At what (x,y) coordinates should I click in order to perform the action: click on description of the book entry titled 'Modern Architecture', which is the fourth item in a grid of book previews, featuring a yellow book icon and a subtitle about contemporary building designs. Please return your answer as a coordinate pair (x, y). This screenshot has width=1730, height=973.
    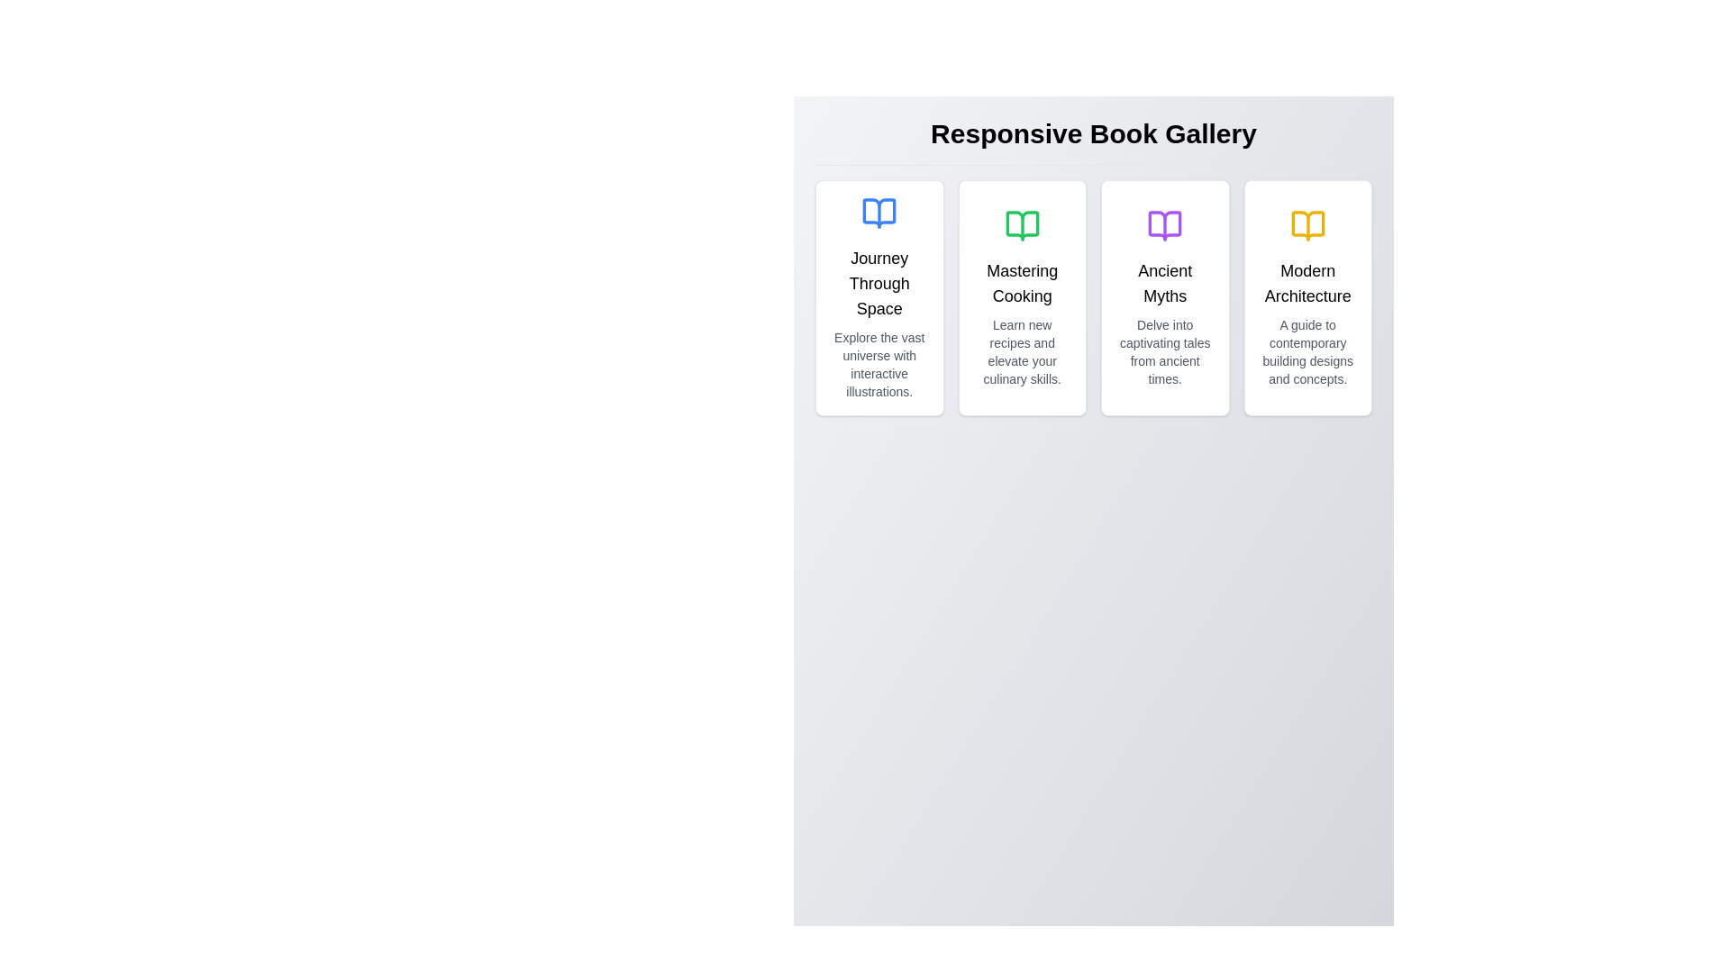
    Looking at the image, I should click on (1307, 297).